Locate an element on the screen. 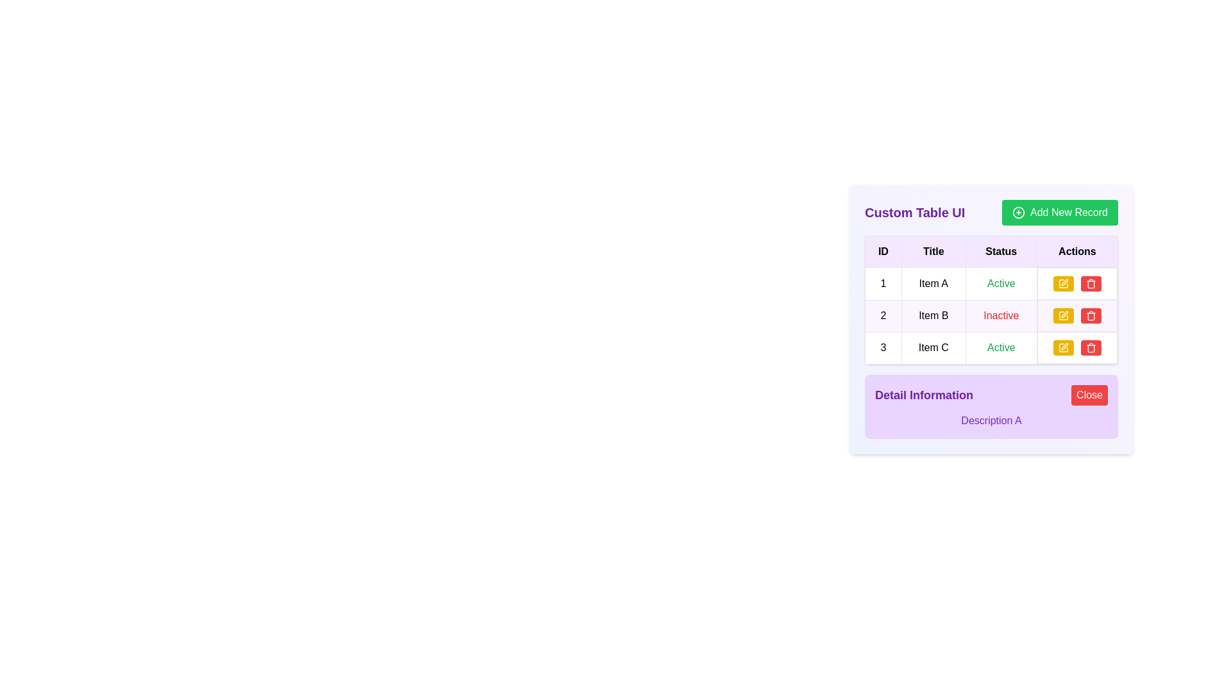 The width and height of the screenshot is (1231, 692). the 'Status' header cell in the table, which is the third cell in the header row, located between 'Title' and 'Actions', with a light purple background and bold black text is located at coordinates (1000, 252).